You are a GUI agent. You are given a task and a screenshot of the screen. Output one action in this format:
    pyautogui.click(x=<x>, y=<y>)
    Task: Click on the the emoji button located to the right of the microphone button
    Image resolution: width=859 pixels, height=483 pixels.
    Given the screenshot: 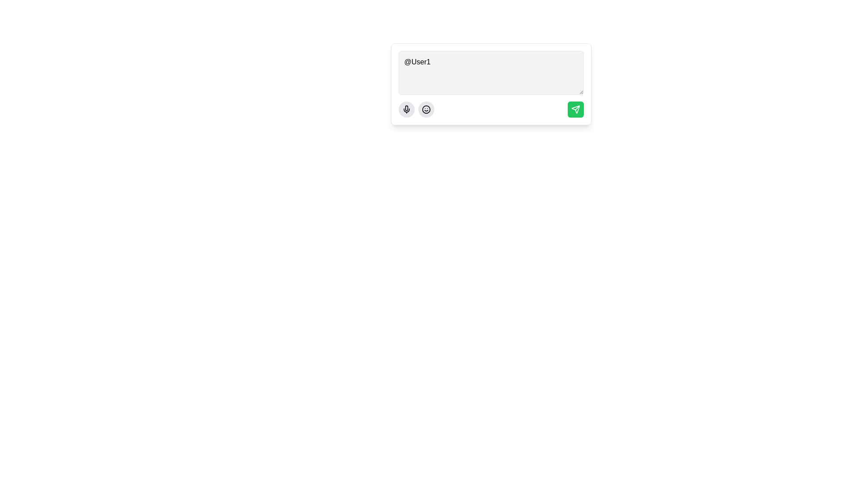 What is the action you would take?
    pyautogui.click(x=425, y=109)
    